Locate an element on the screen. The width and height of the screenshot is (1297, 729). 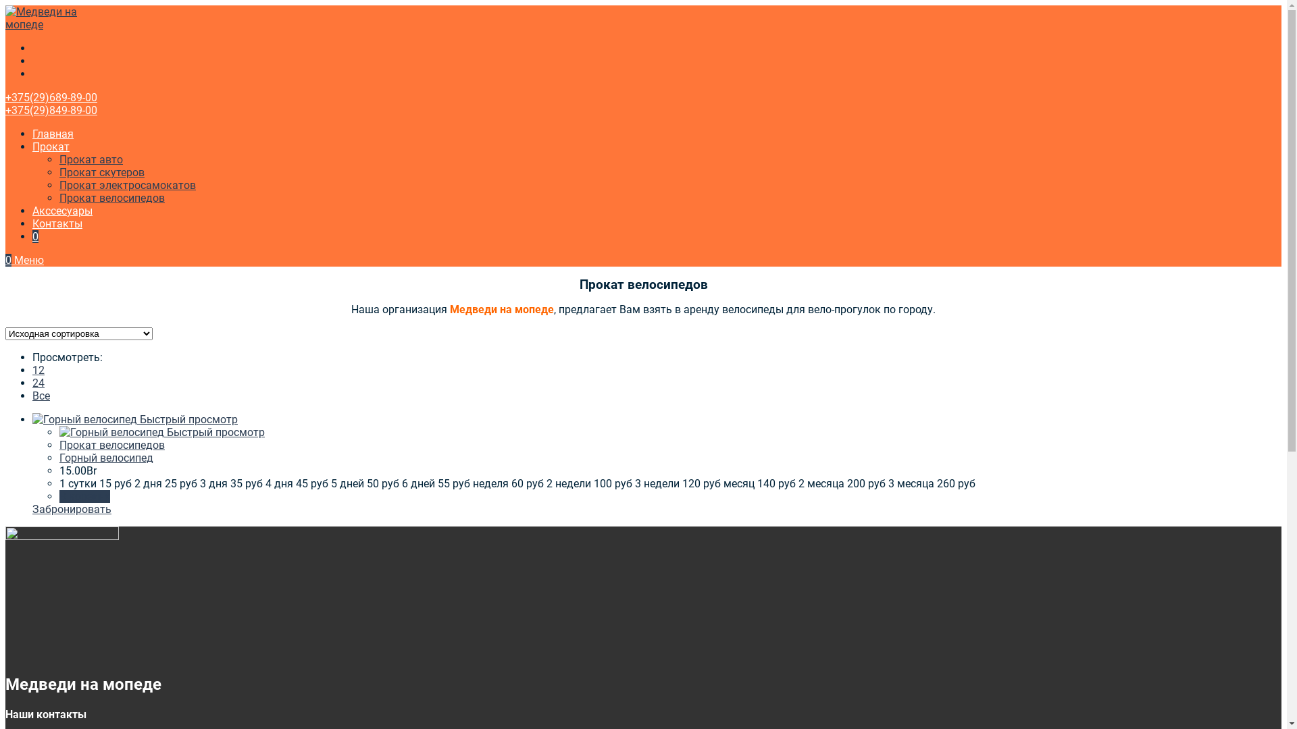
'12' is located at coordinates (39, 370).